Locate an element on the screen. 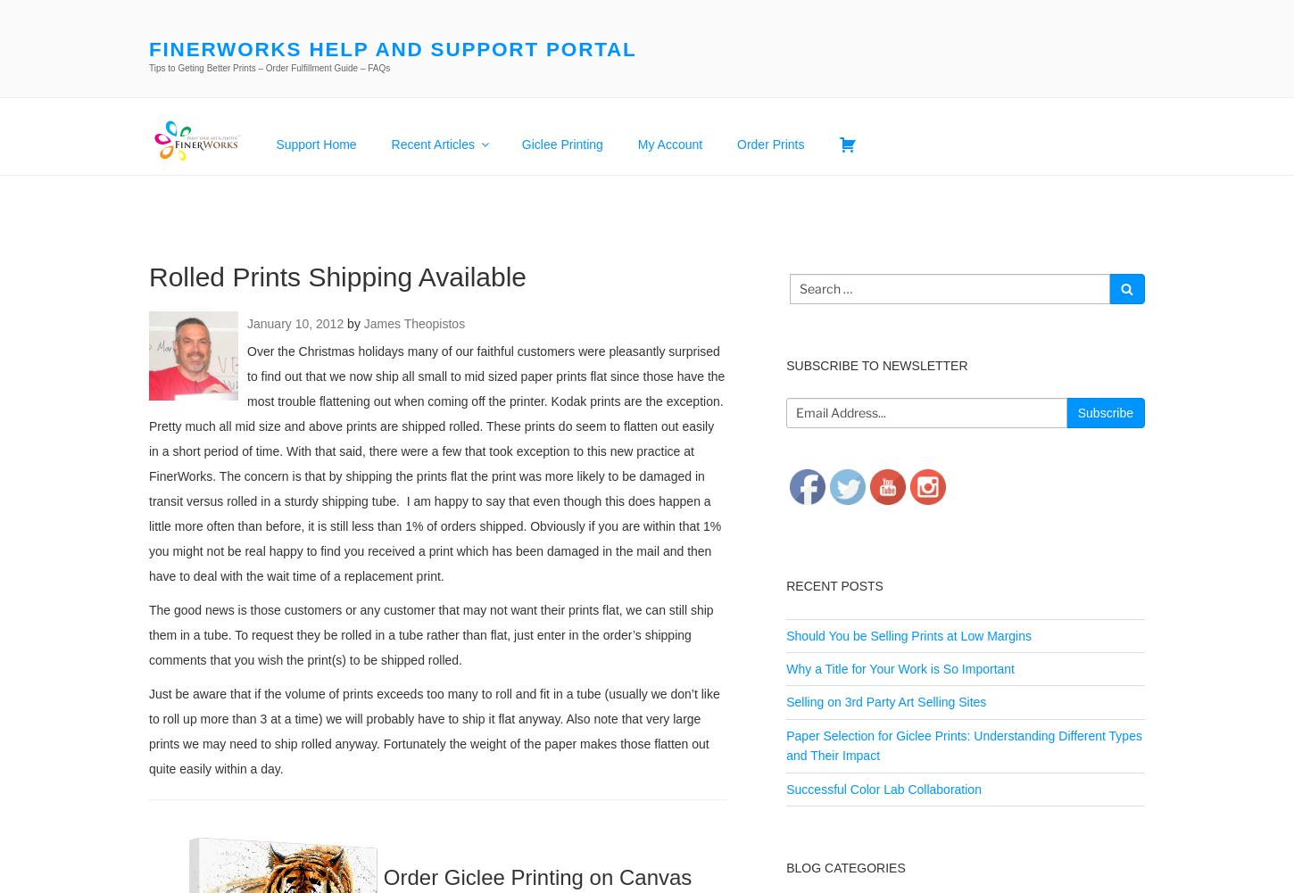 The image size is (1294, 893). 'Subscribe' is located at coordinates (1105, 412).